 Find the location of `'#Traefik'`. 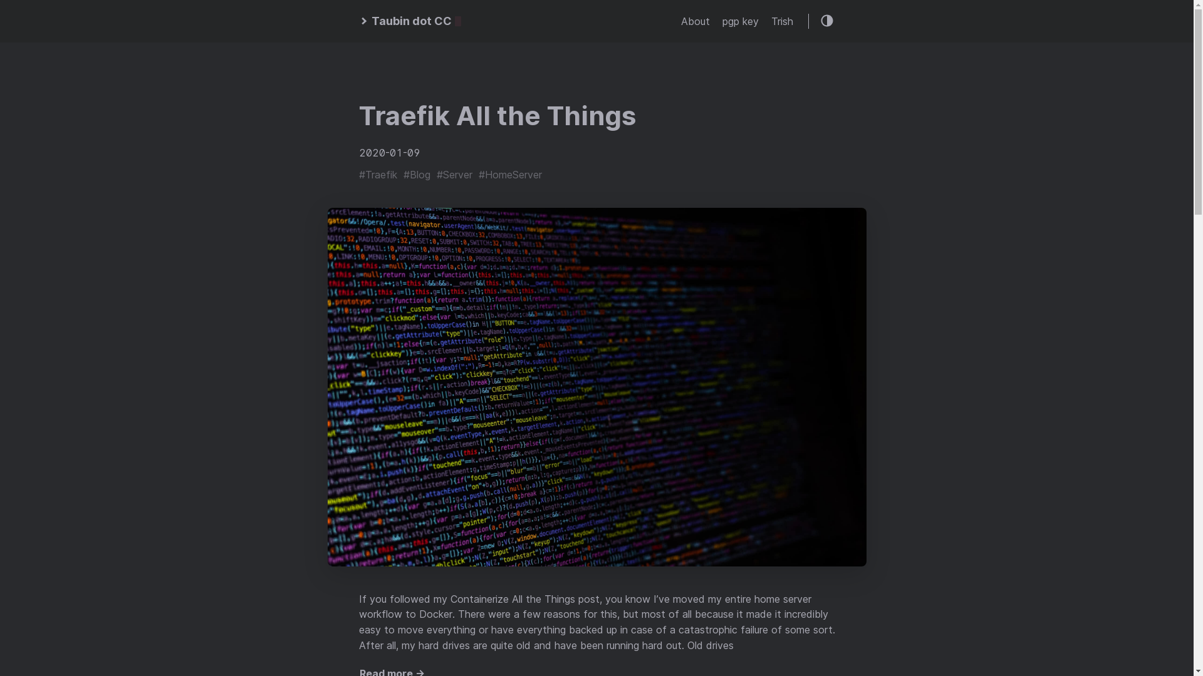

'#Traefik' is located at coordinates (357, 174).